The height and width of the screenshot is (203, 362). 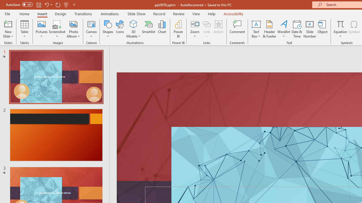 What do you see at coordinates (120, 29) in the screenshot?
I see `'Icons'` at bounding box center [120, 29].